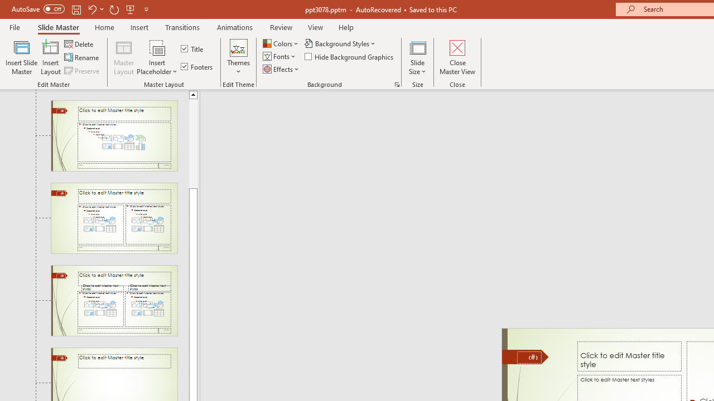 This screenshot has height=401, width=714. What do you see at coordinates (457, 57) in the screenshot?
I see `'Close Master View'` at bounding box center [457, 57].